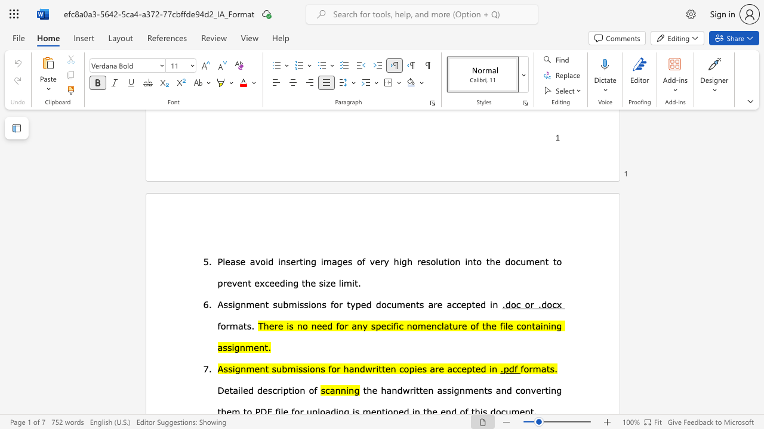 This screenshot has width=764, height=429. Describe the element at coordinates (480, 368) in the screenshot. I see `the subset text "d in" within the text "Assignment submissions for handwritten copies are accepted in"` at that location.